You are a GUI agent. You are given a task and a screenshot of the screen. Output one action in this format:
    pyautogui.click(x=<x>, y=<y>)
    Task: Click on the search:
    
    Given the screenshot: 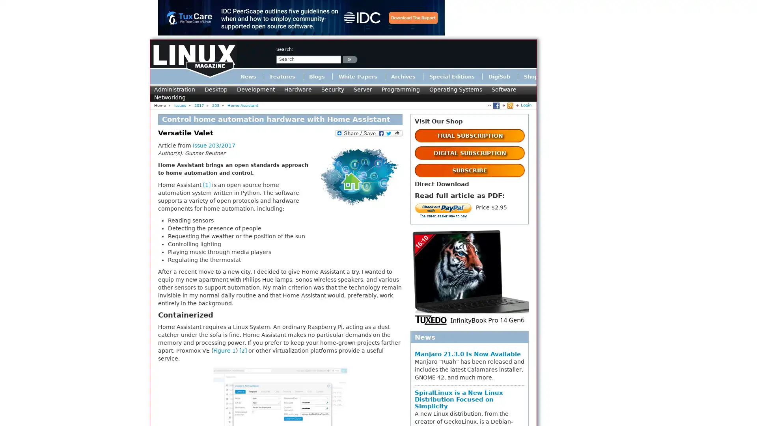 What is the action you would take?
    pyautogui.click(x=350, y=59)
    